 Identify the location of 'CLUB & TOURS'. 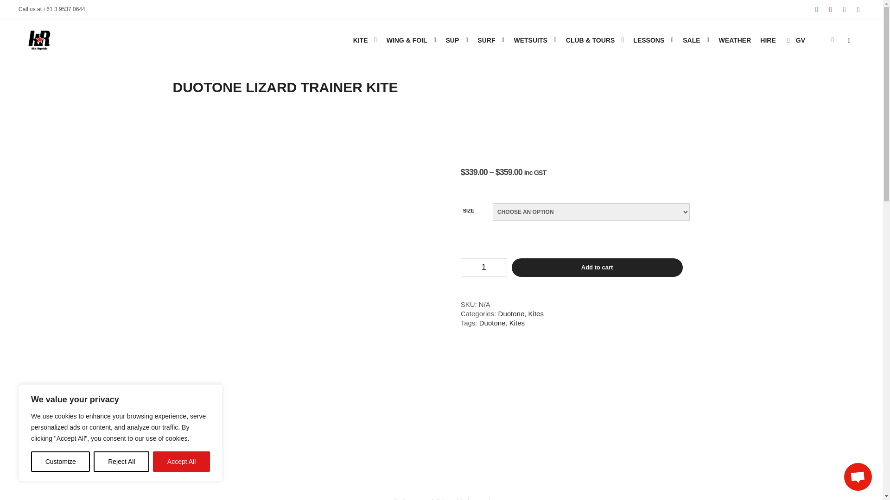
(589, 40).